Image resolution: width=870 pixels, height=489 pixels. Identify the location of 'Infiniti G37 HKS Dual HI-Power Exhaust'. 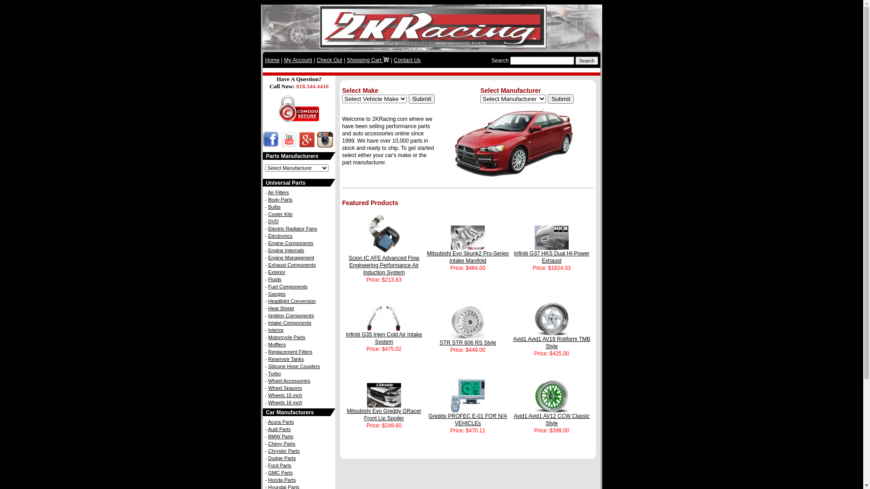
(551, 254).